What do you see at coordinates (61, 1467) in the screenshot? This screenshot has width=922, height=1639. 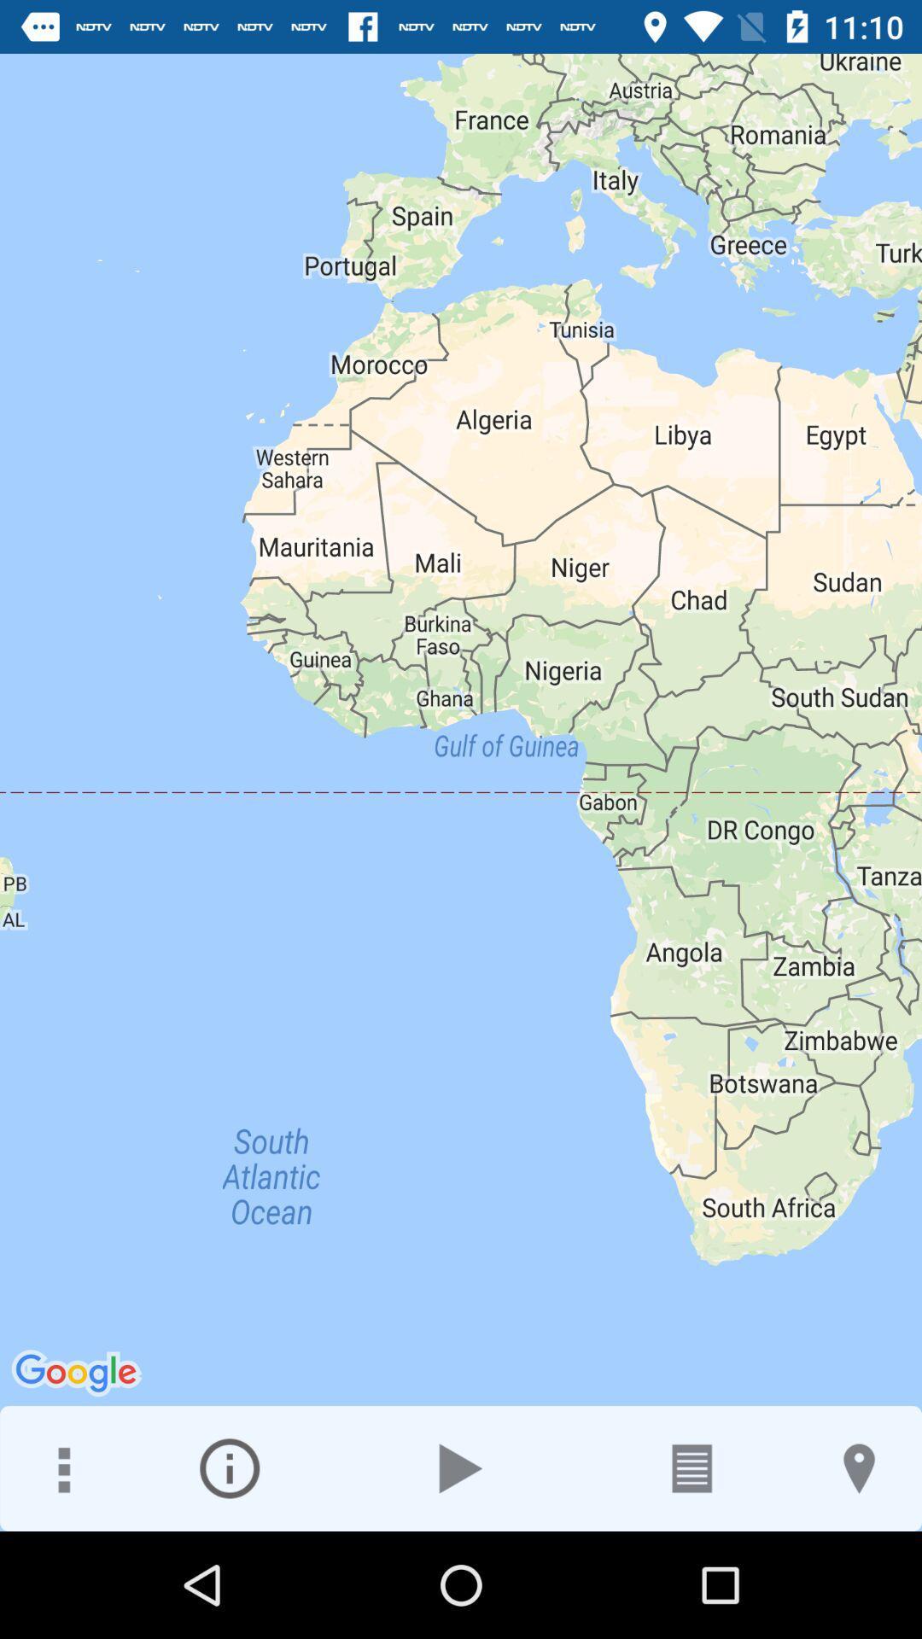 I see `the more icon` at bounding box center [61, 1467].